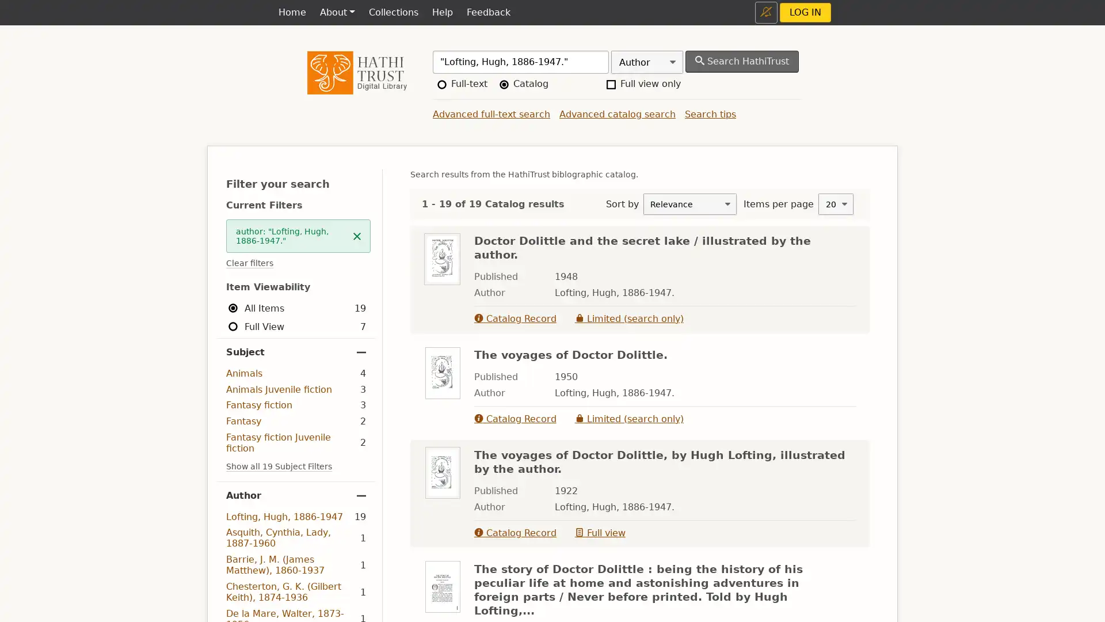 The image size is (1105, 622). I want to click on Barrie, J. M. (James Matthew), 1860-1937 - 1, so click(296, 564).